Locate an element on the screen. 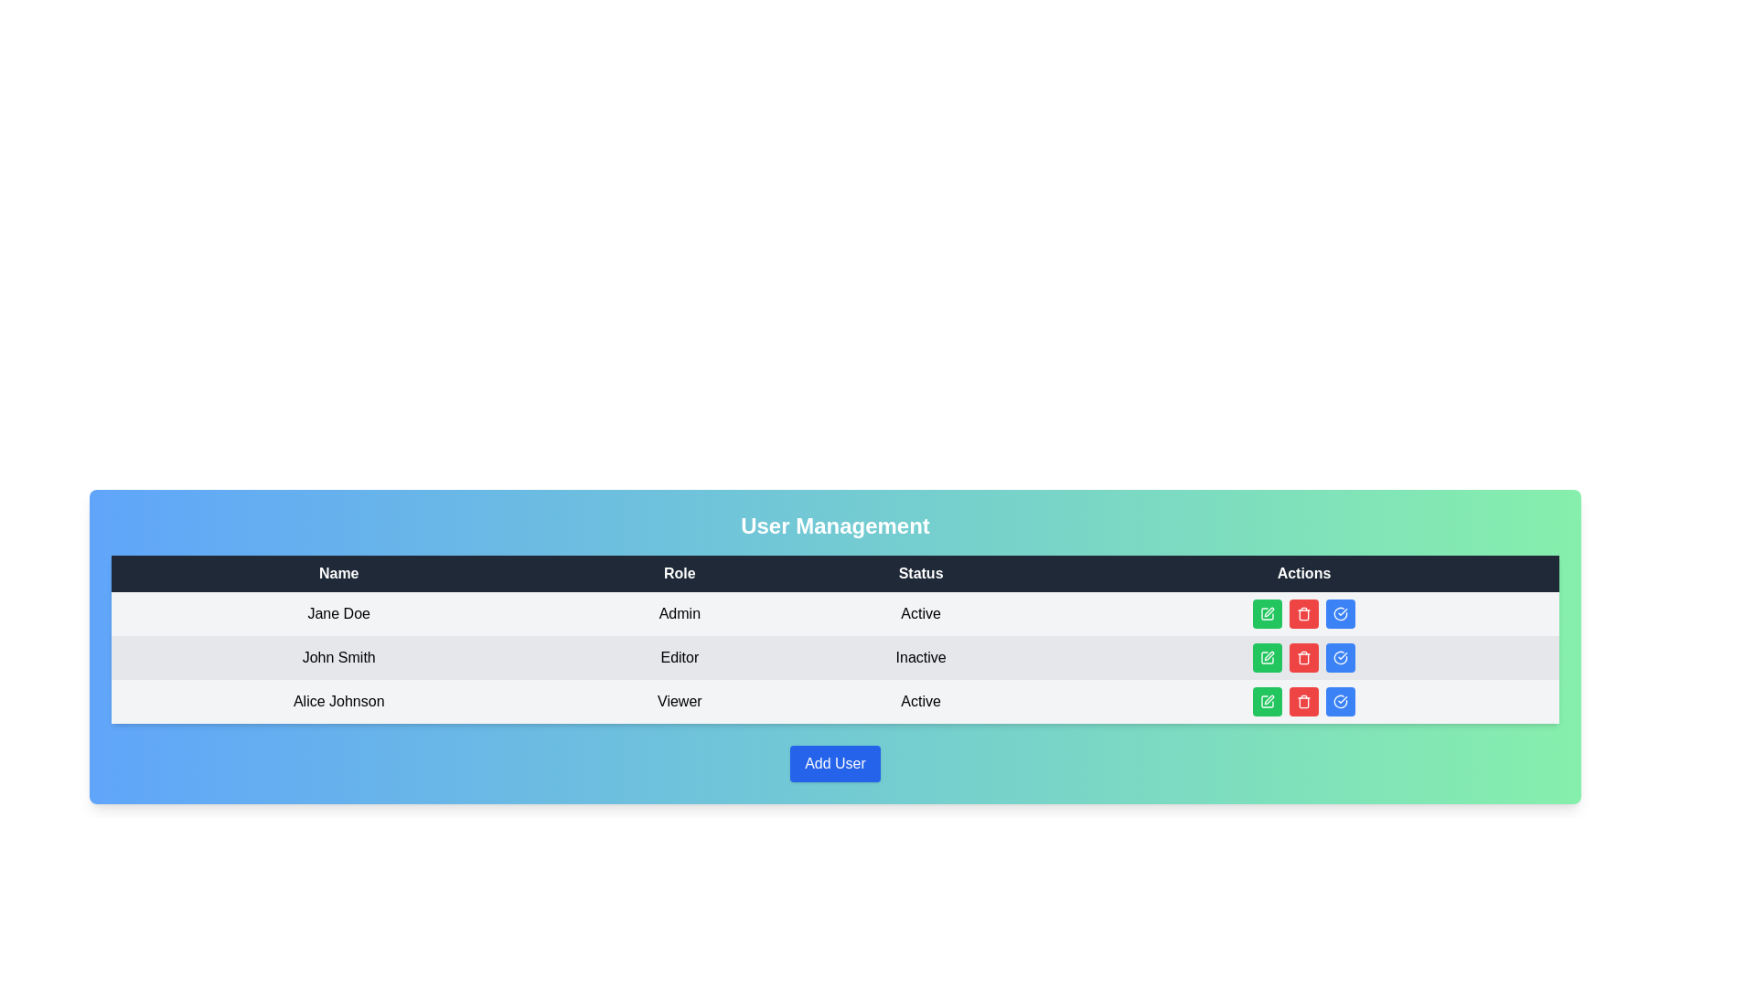 The width and height of the screenshot is (1756, 987). the circular checkmark icon with a blue background located inside the rightmost button of the three in the 'Actions' column of the third row of the table is located at coordinates (1340, 658).